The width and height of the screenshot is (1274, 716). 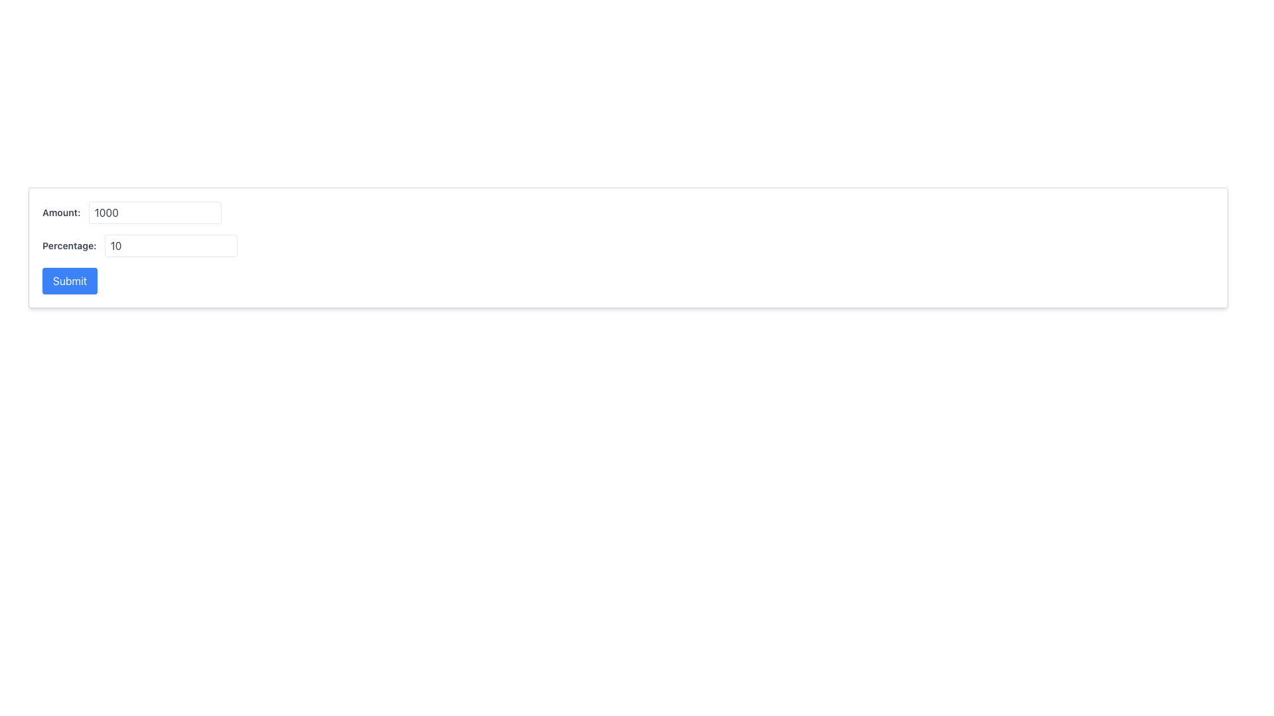 What do you see at coordinates (60, 211) in the screenshot?
I see `the static text label that reads 'Amount:', which is located in the upper-left section of the form interface and is horizontally aligned to the left of an input box` at bounding box center [60, 211].